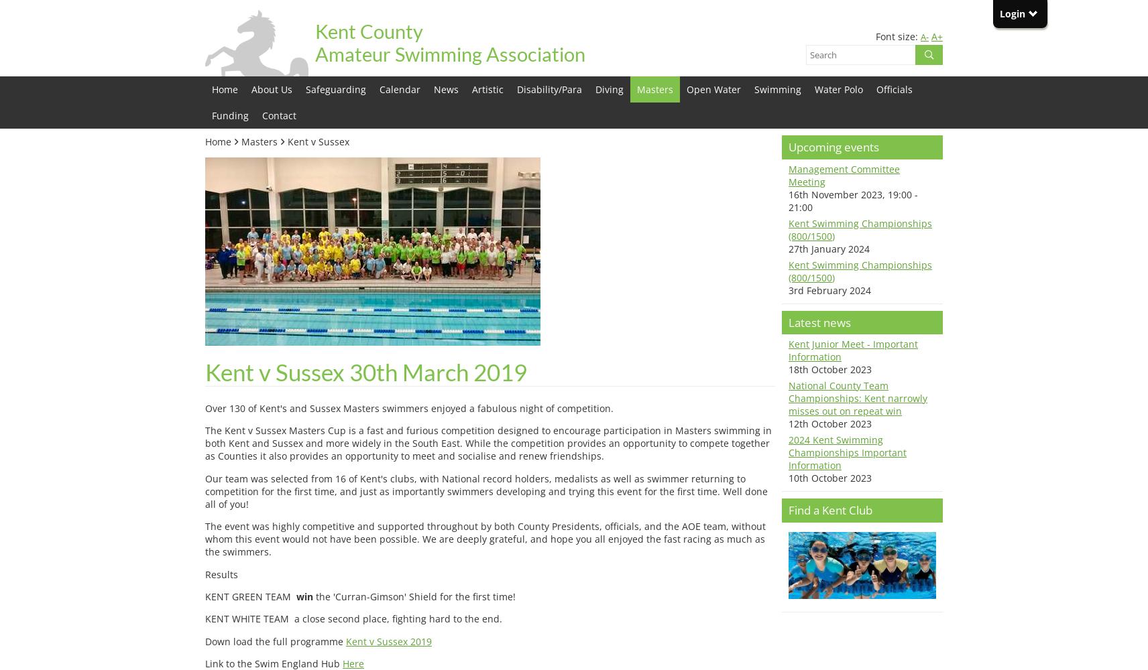  I want to click on 'Kent v Sussex', so click(318, 141).